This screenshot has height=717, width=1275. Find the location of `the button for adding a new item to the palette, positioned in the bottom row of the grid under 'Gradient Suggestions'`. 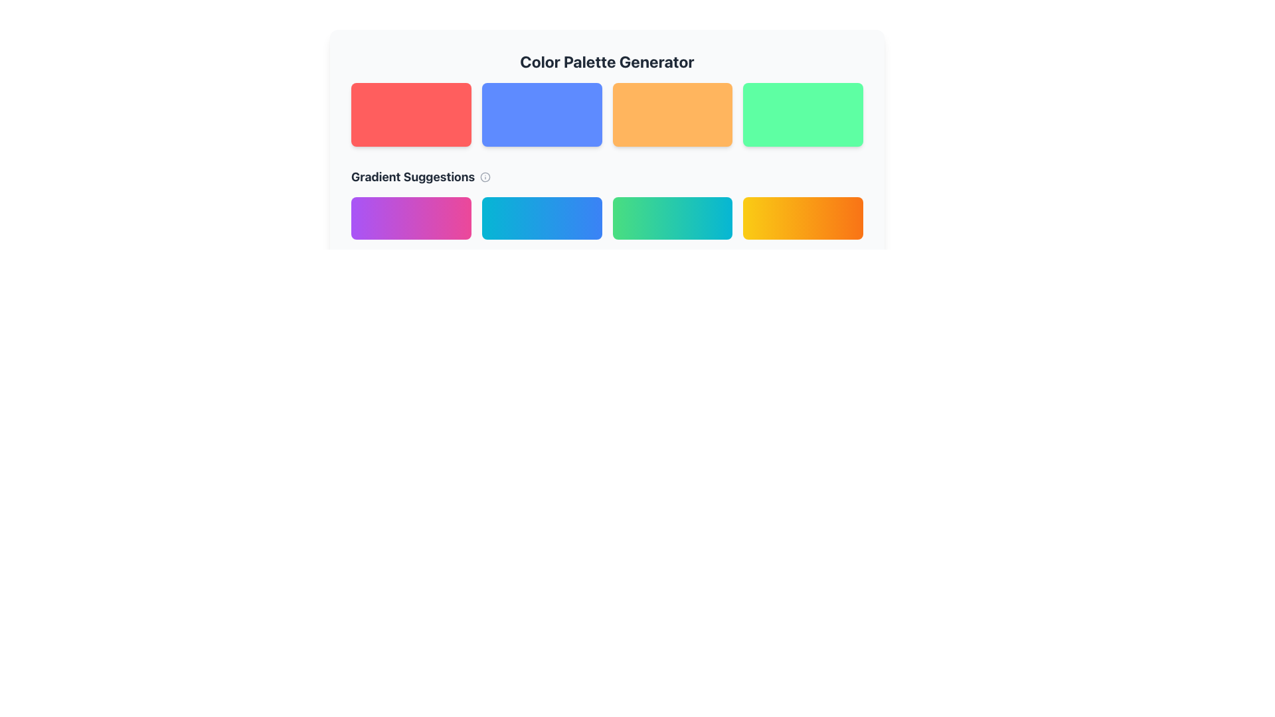

the button for adding a new item to the palette, positioned in the bottom row of the grid under 'Gradient Suggestions' is located at coordinates (410, 217).